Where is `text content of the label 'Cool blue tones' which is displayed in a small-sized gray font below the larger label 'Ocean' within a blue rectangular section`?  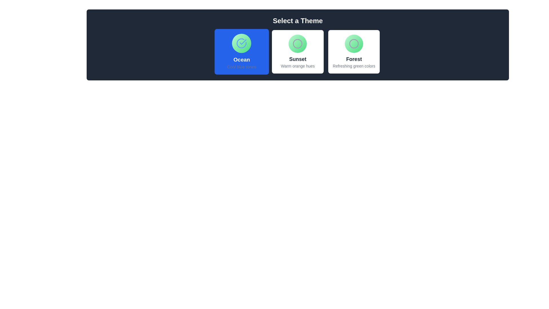 text content of the label 'Cool blue tones' which is displayed in a small-sized gray font below the larger label 'Ocean' within a blue rectangular section is located at coordinates (241, 66).